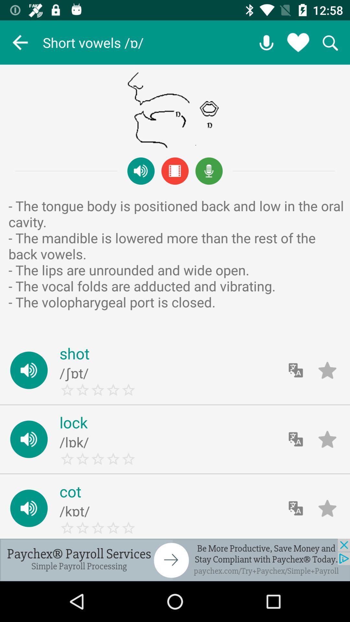 The width and height of the screenshot is (350, 622). What do you see at coordinates (298, 42) in the screenshot?
I see `the favorite icon` at bounding box center [298, 42].